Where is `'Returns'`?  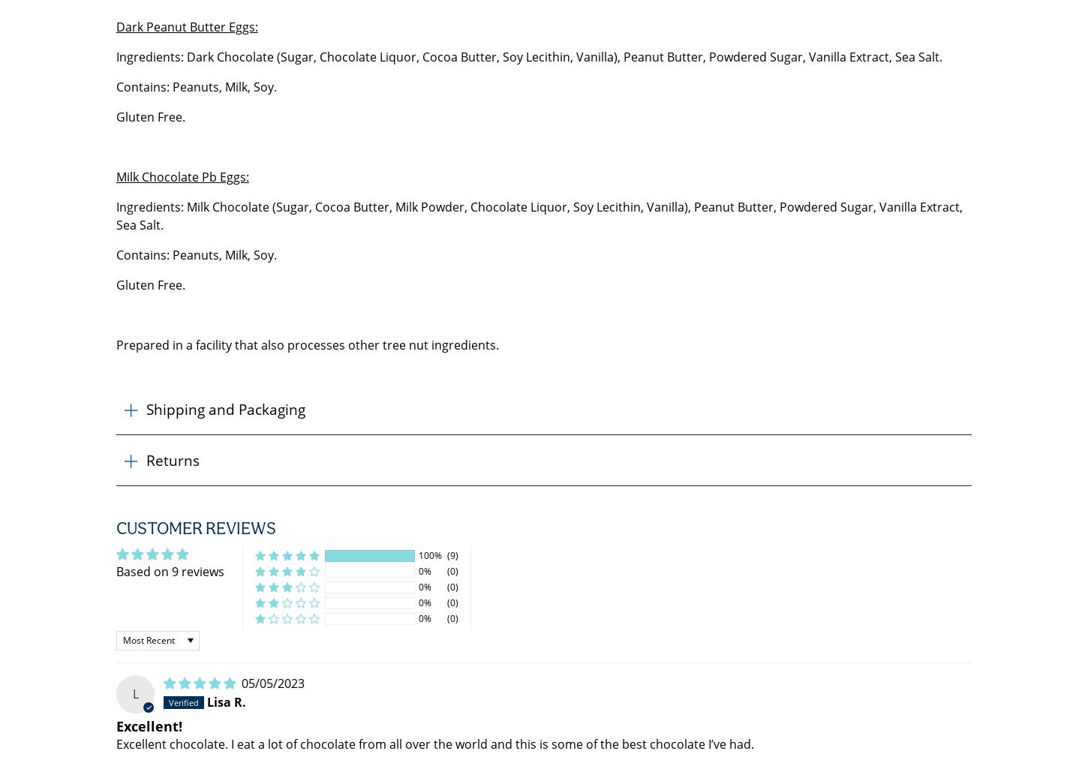 'Returns' is located at coordinates (172, 460).